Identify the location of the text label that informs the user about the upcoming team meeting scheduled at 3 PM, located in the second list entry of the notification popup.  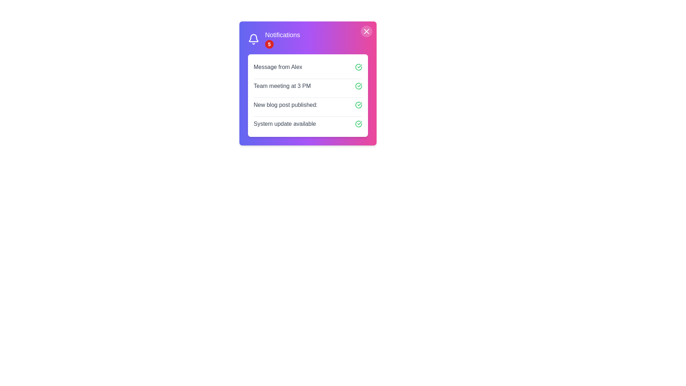
(282, 85).